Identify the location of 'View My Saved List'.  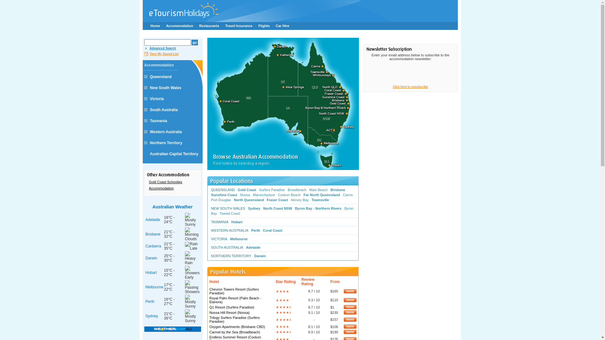
(144, 54).